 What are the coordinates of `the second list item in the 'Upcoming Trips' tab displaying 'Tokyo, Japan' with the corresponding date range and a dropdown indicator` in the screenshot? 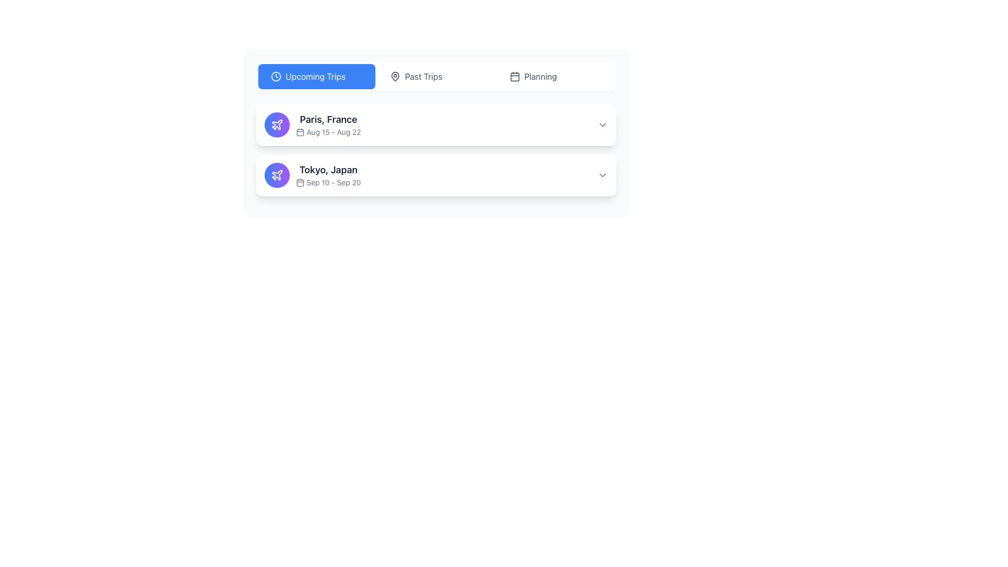 It's located at (436, 175).